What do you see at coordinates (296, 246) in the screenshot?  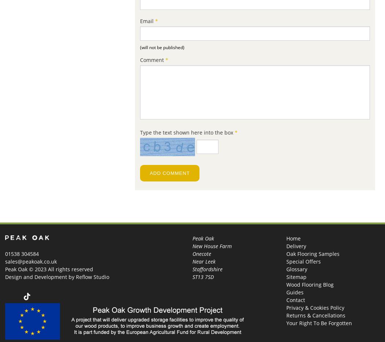 I see `'Delivery'` at bounding box center [296, 246].